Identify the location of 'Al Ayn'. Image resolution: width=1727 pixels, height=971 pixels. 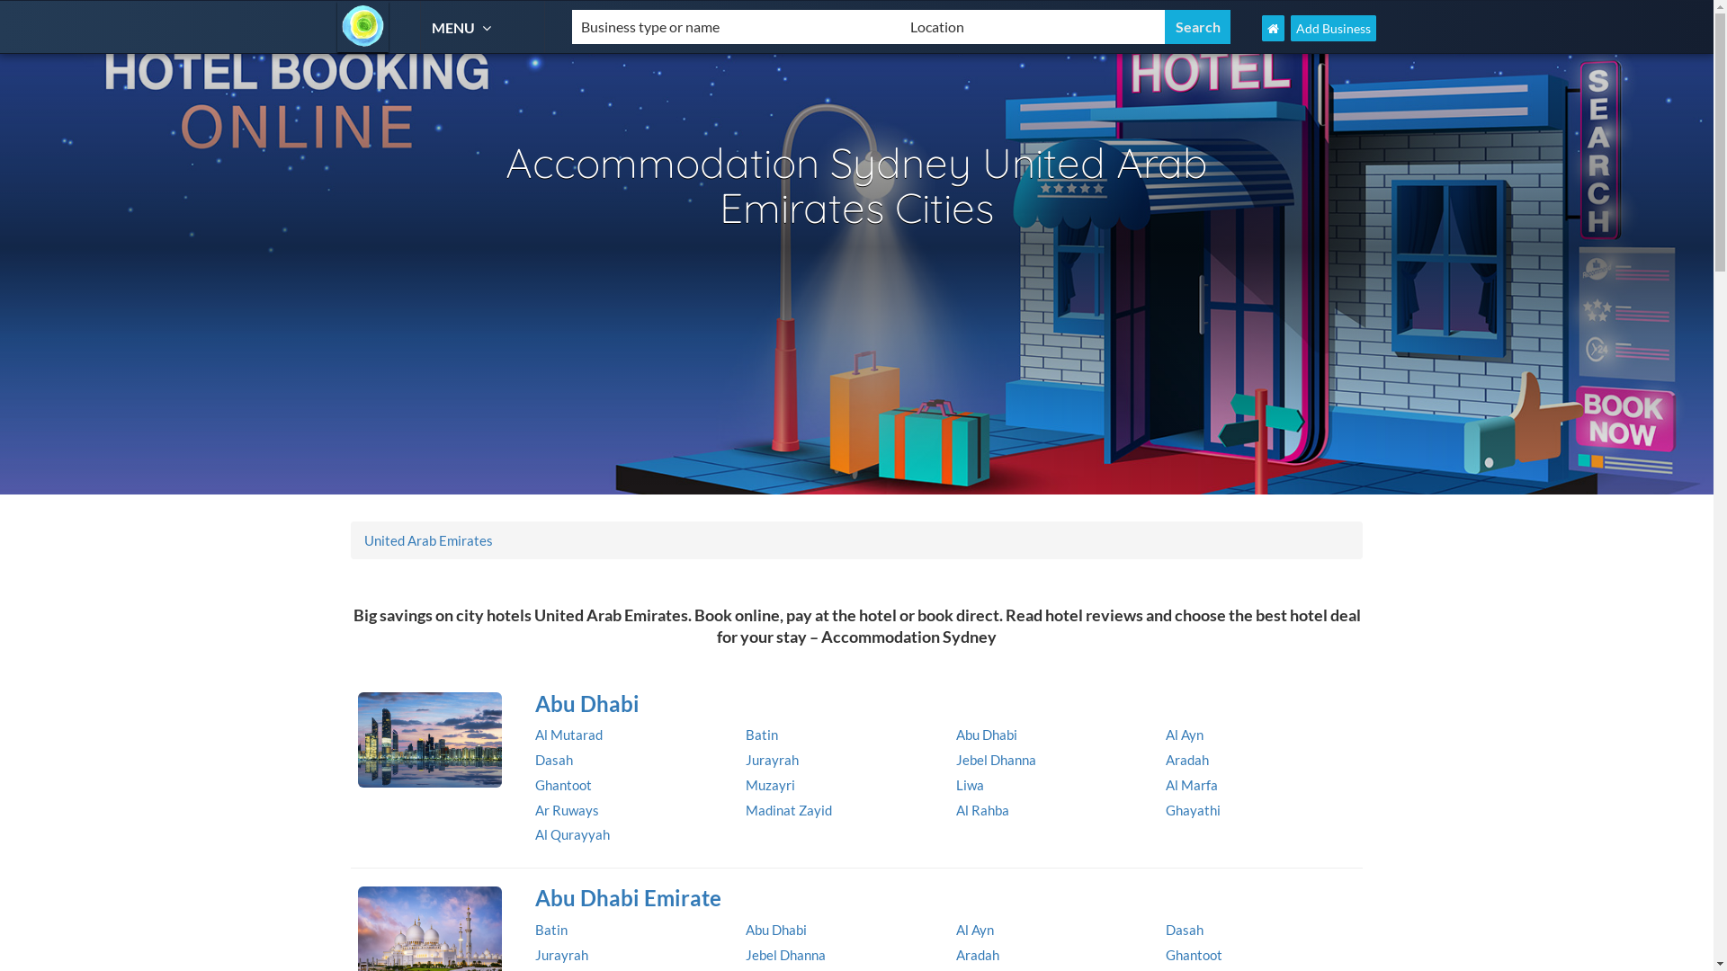
(1166, 735).